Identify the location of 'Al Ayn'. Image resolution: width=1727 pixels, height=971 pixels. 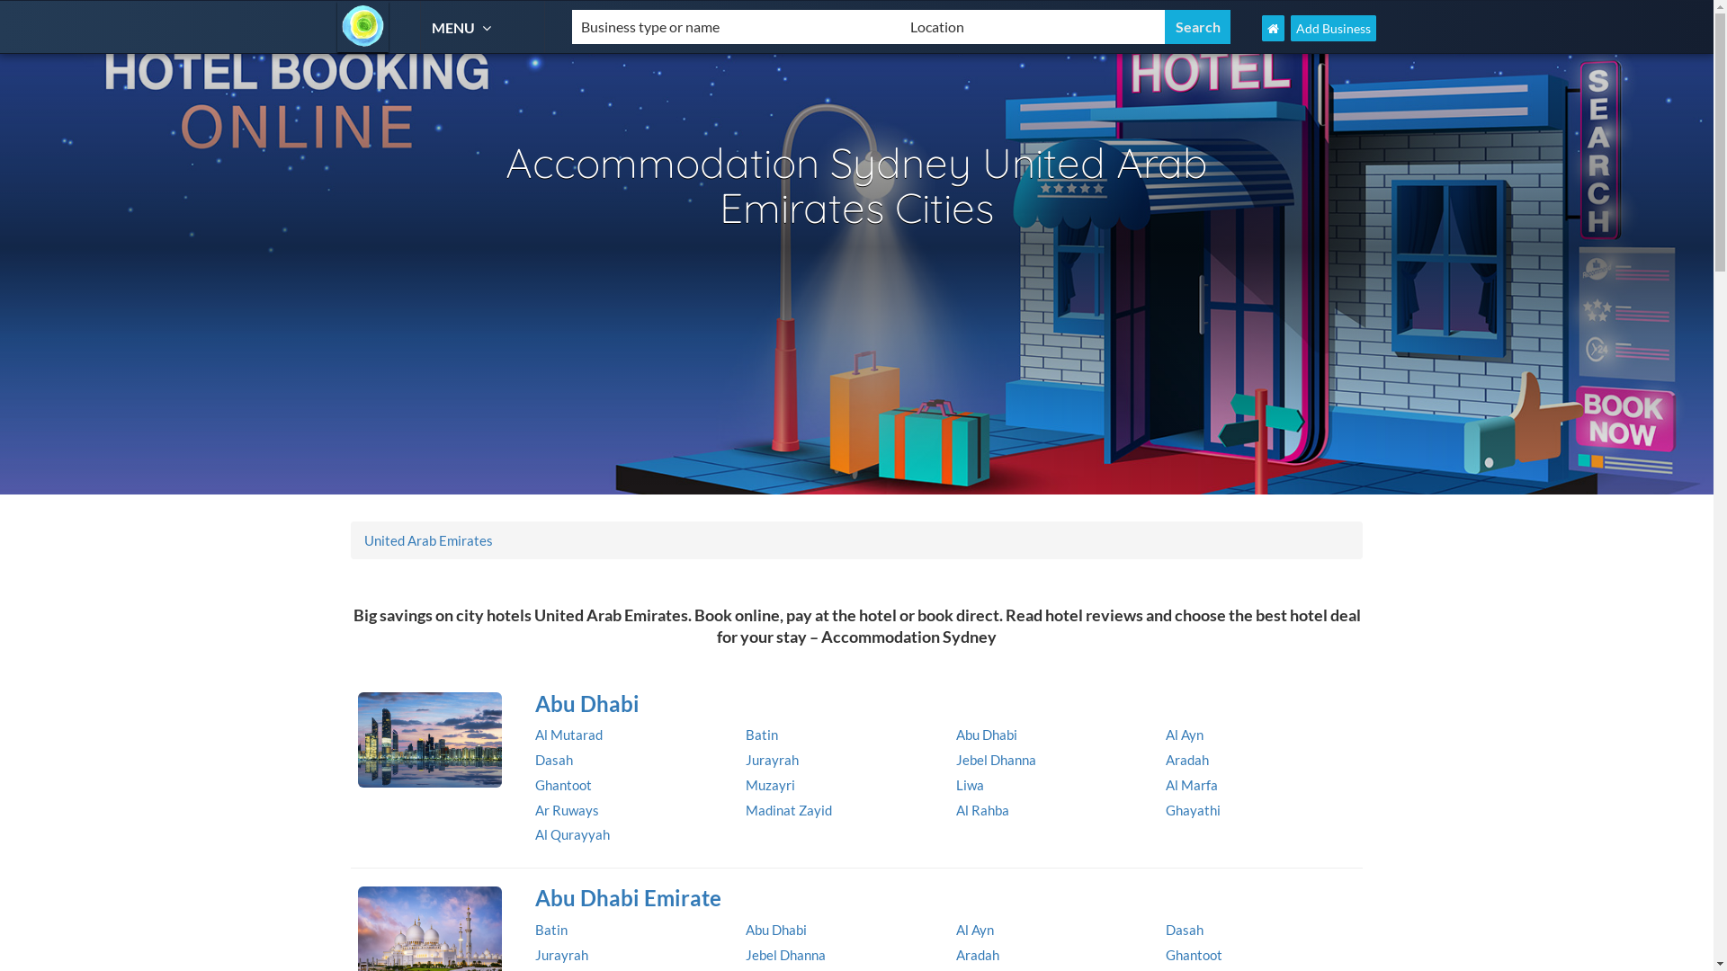
(1166, 735).